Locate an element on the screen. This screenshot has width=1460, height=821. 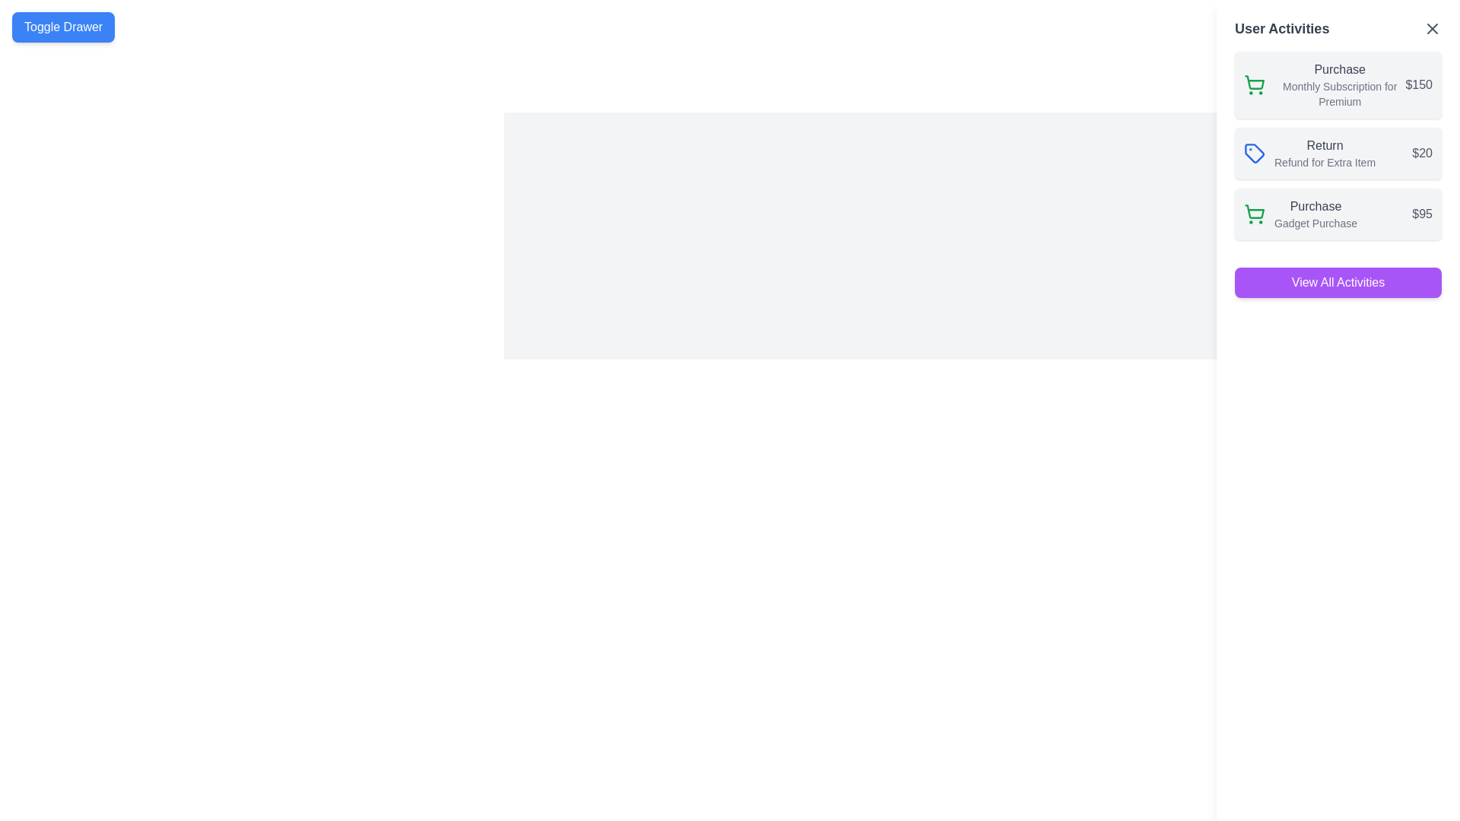
the 'Return' activity icon with a blue outline located in the 'User Activities' section, positioned to the left of the text 'Return' and 'Refund for Extra Item' is located at coordinates (1255, 153).